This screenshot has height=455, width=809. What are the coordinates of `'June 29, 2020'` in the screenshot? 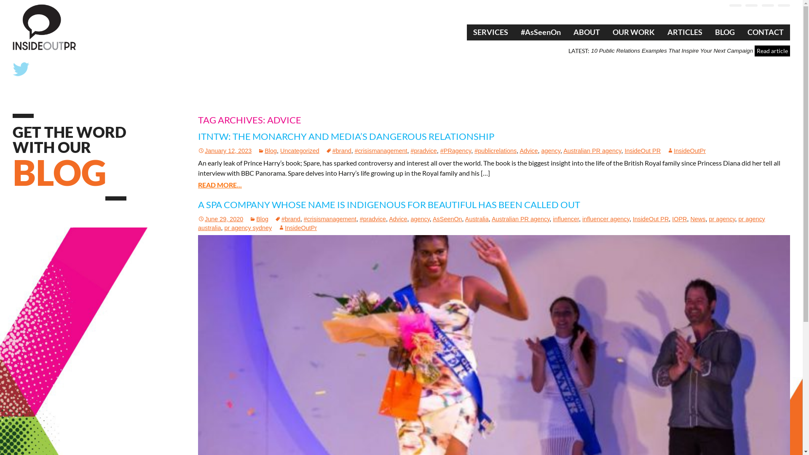 It's located at (220, 219).